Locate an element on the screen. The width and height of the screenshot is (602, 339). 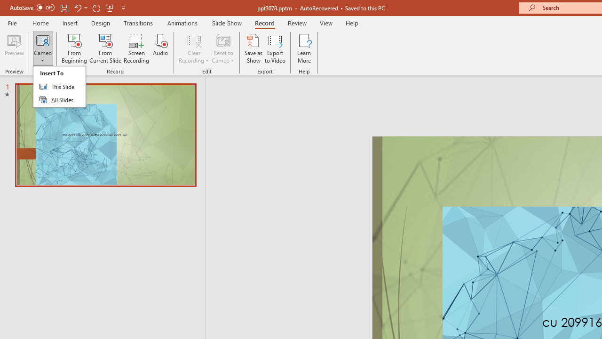
'Preview' is located at coordinates (14, 48).